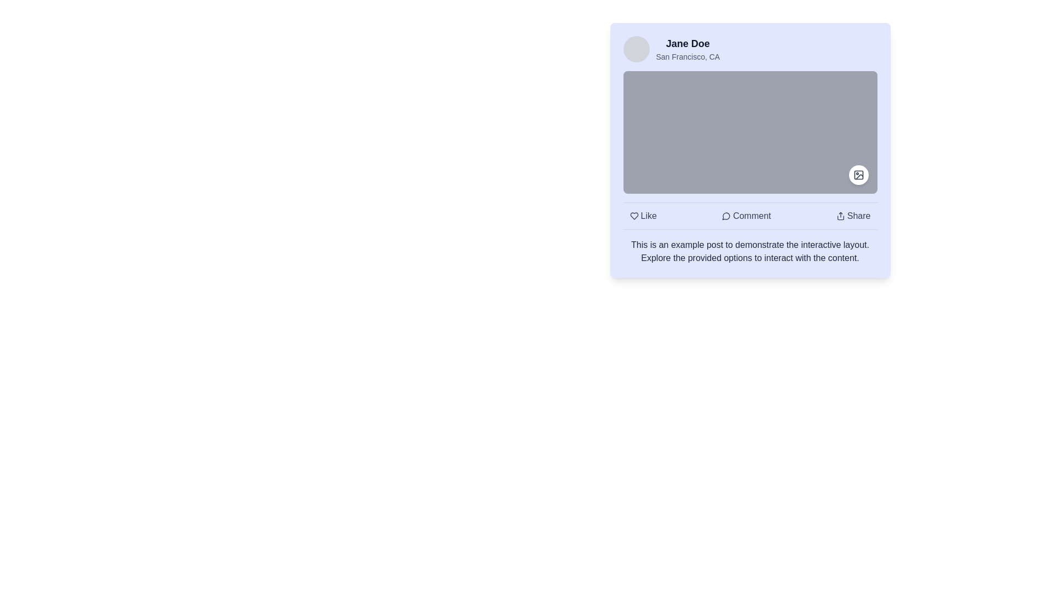 Image resolution: width=1051 pixels, height=591 pixels. I want to click on the 'Share' text label element, which is styled in gray font and located at the bottom-right corner of a post block, aligned with the 'Like' and 'Comment' buttons, so click(858, 216).